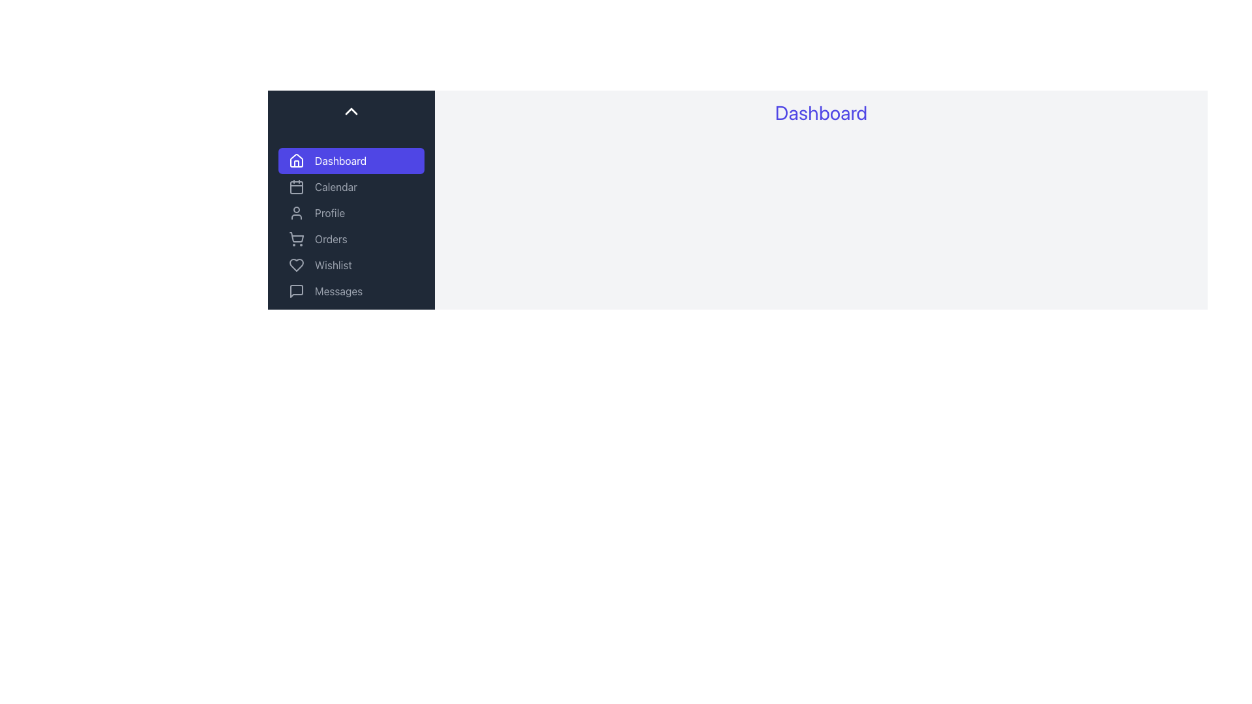  What do you see at coordinates (296, 237) in the screenshot?
I see `the shopping cart vector icon located in the sidebar menu, which is positioned to the left of the 'Orders' label and below the 'Profile' menu item` at bounding box center [296, 237].